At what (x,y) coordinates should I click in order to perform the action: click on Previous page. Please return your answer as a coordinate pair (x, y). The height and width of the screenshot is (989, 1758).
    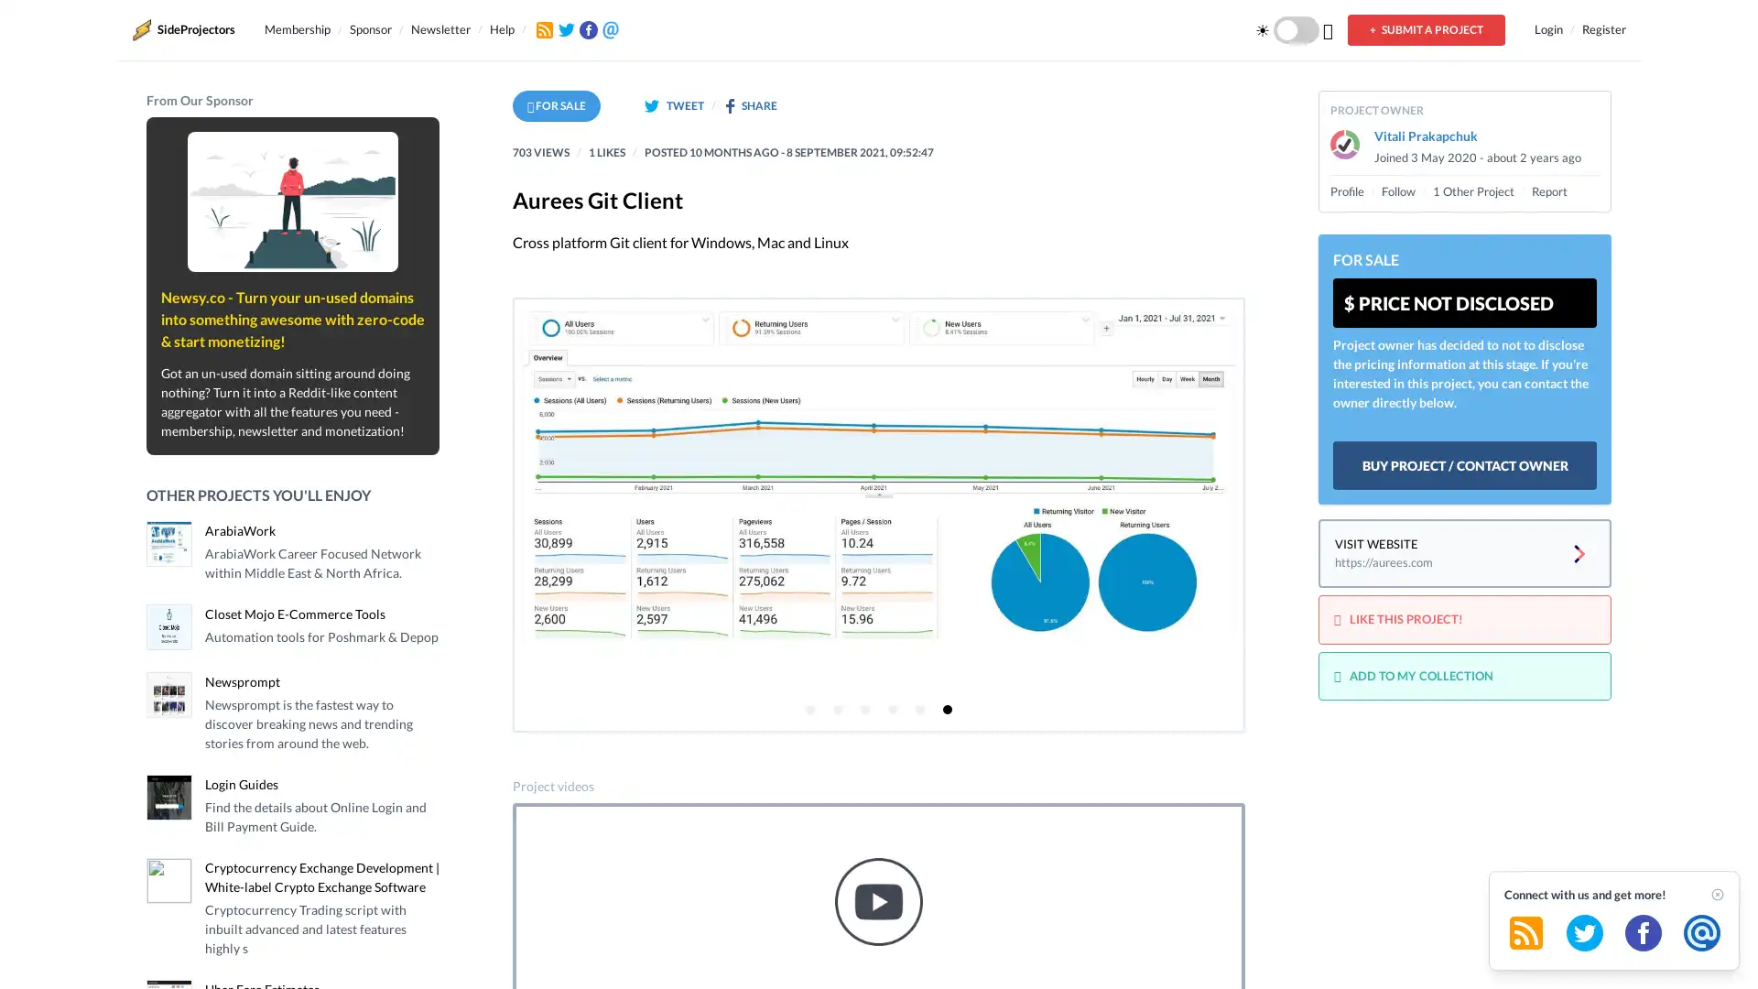
    Looking at the image, I should click on (513, 515).